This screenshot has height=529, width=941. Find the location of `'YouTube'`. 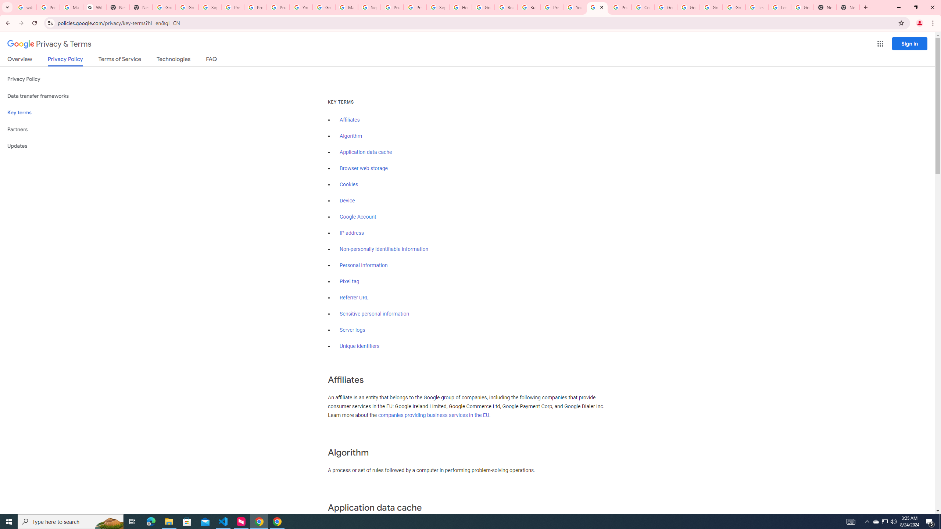

'YouTube' is located at coordinates (301, 7).